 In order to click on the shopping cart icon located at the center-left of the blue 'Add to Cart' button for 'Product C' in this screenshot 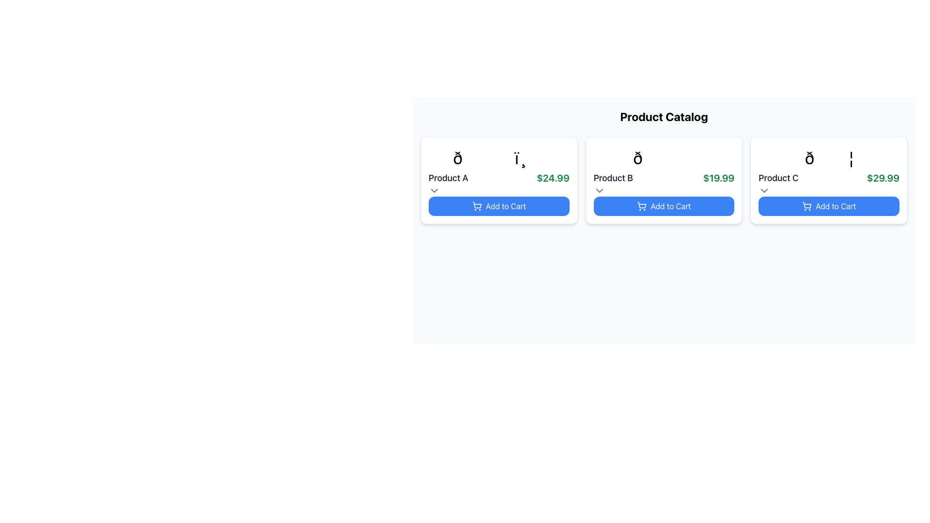, I will do `click(807, 205)`.